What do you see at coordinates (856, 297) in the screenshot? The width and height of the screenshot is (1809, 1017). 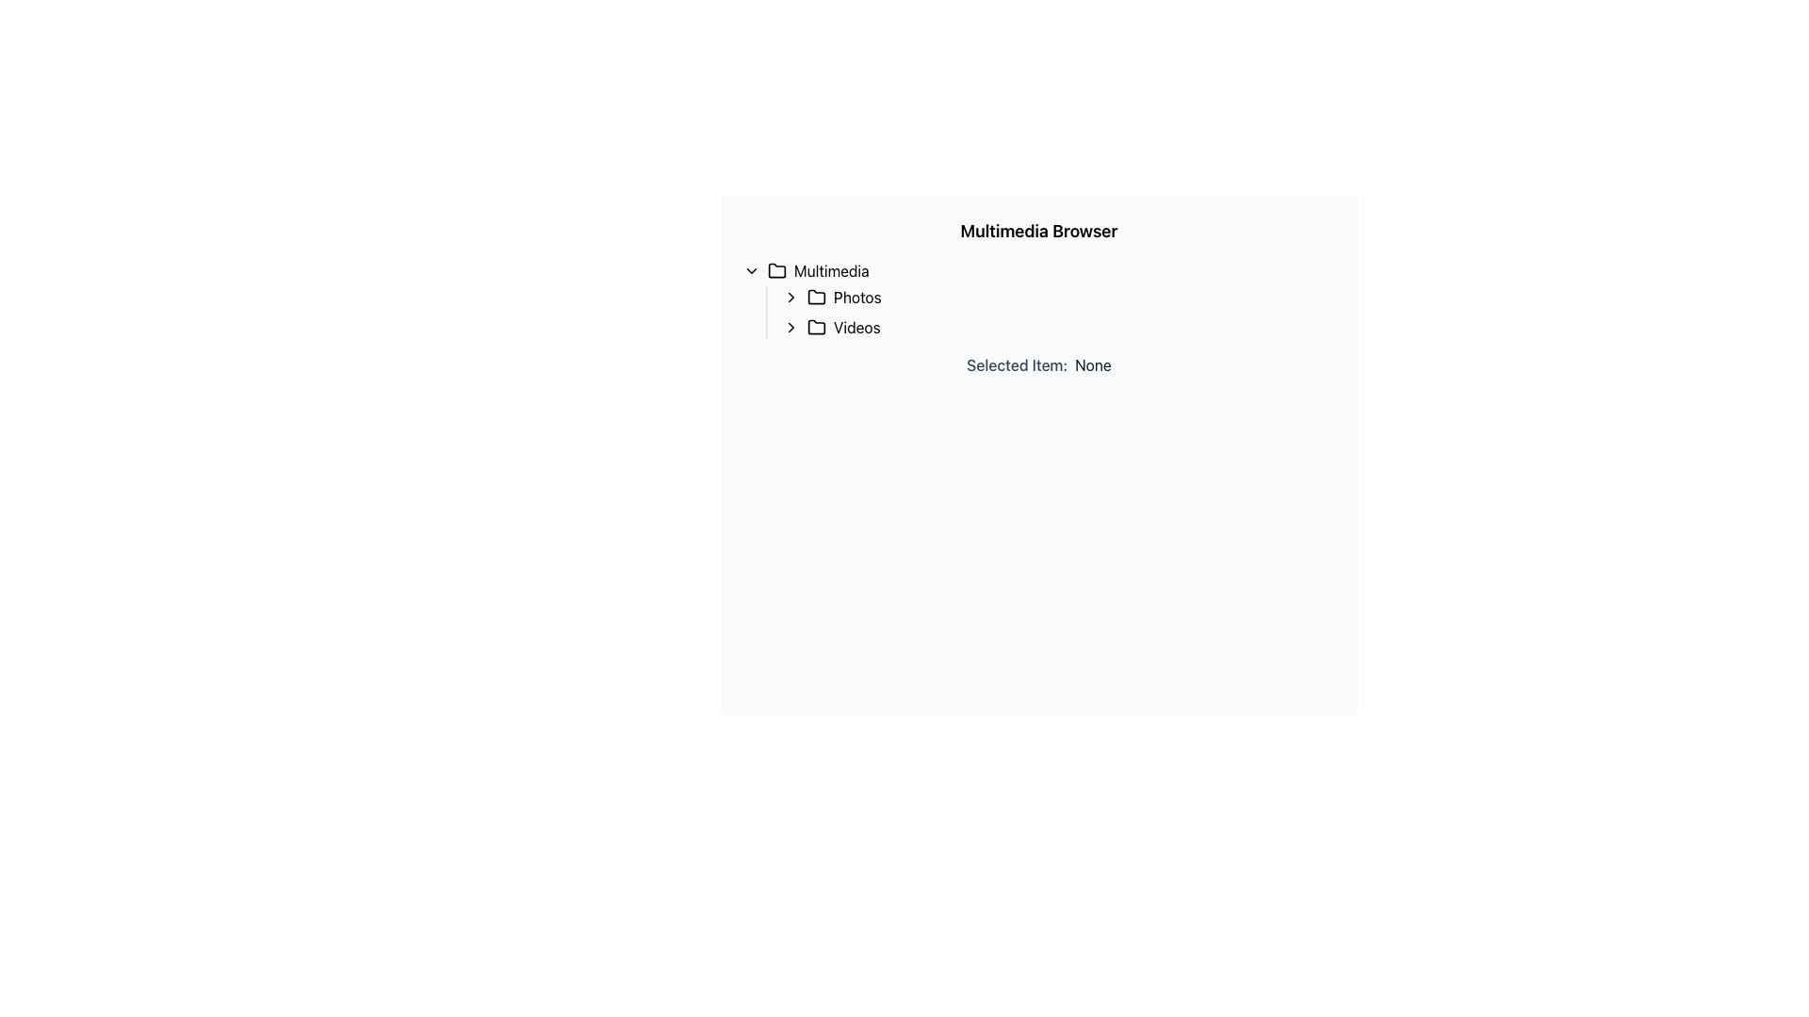 I see `the text label 'Photos' in the hierarchical tree structure under the 'Multimedia' node` at bounding box center [856, 297].